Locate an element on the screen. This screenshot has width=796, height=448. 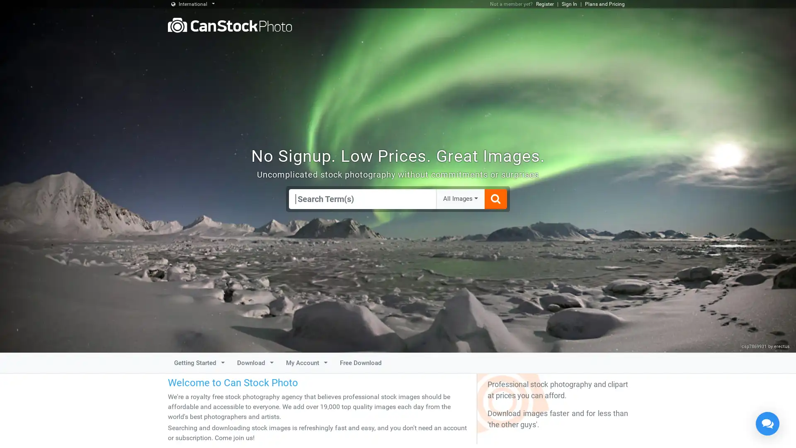
All Images is located at coordinates (460, 198).